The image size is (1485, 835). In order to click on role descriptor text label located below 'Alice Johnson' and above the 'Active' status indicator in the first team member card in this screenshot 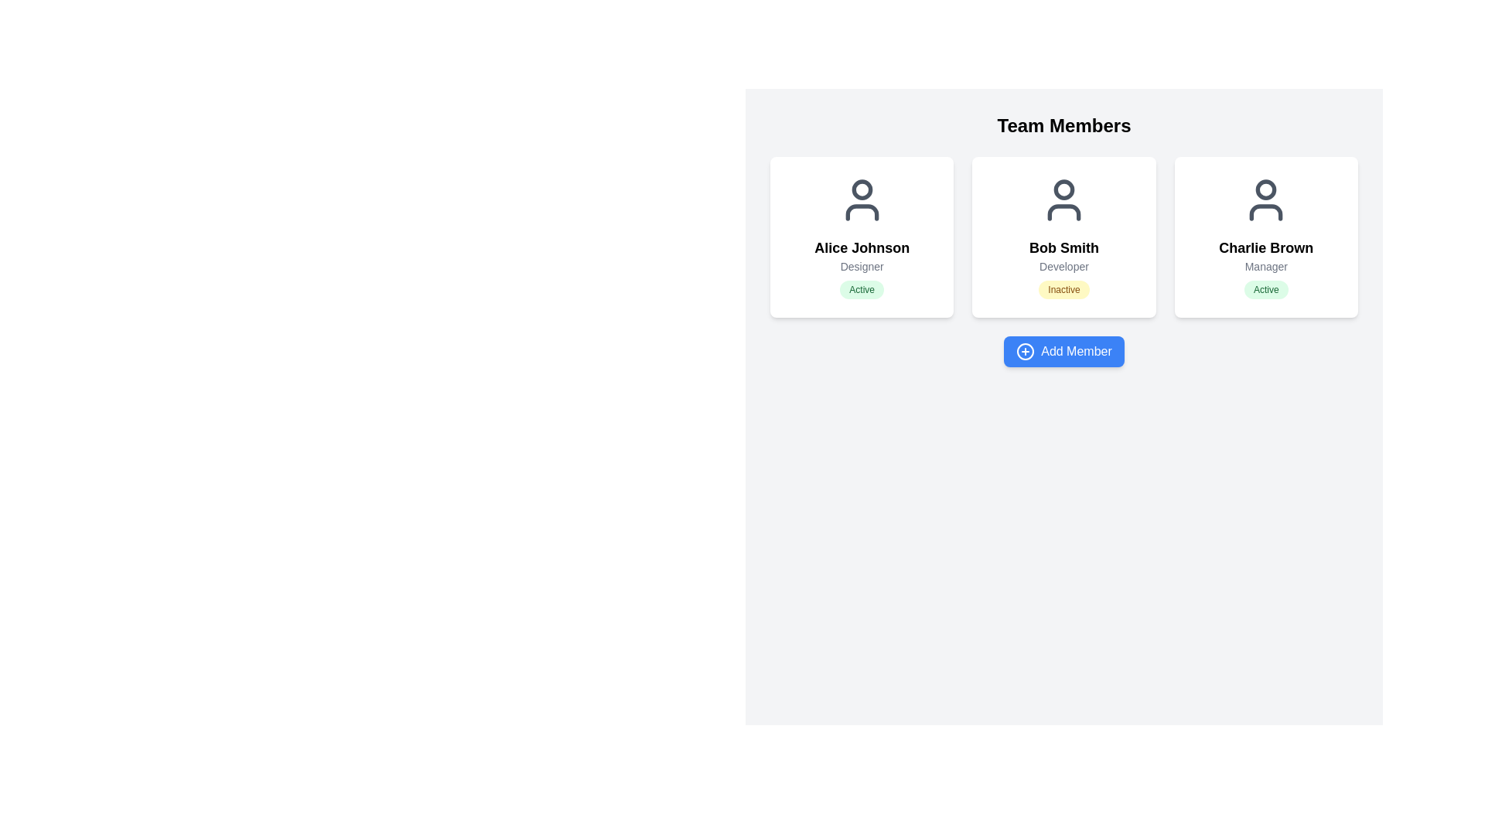, I will do `click(861, 265)`.